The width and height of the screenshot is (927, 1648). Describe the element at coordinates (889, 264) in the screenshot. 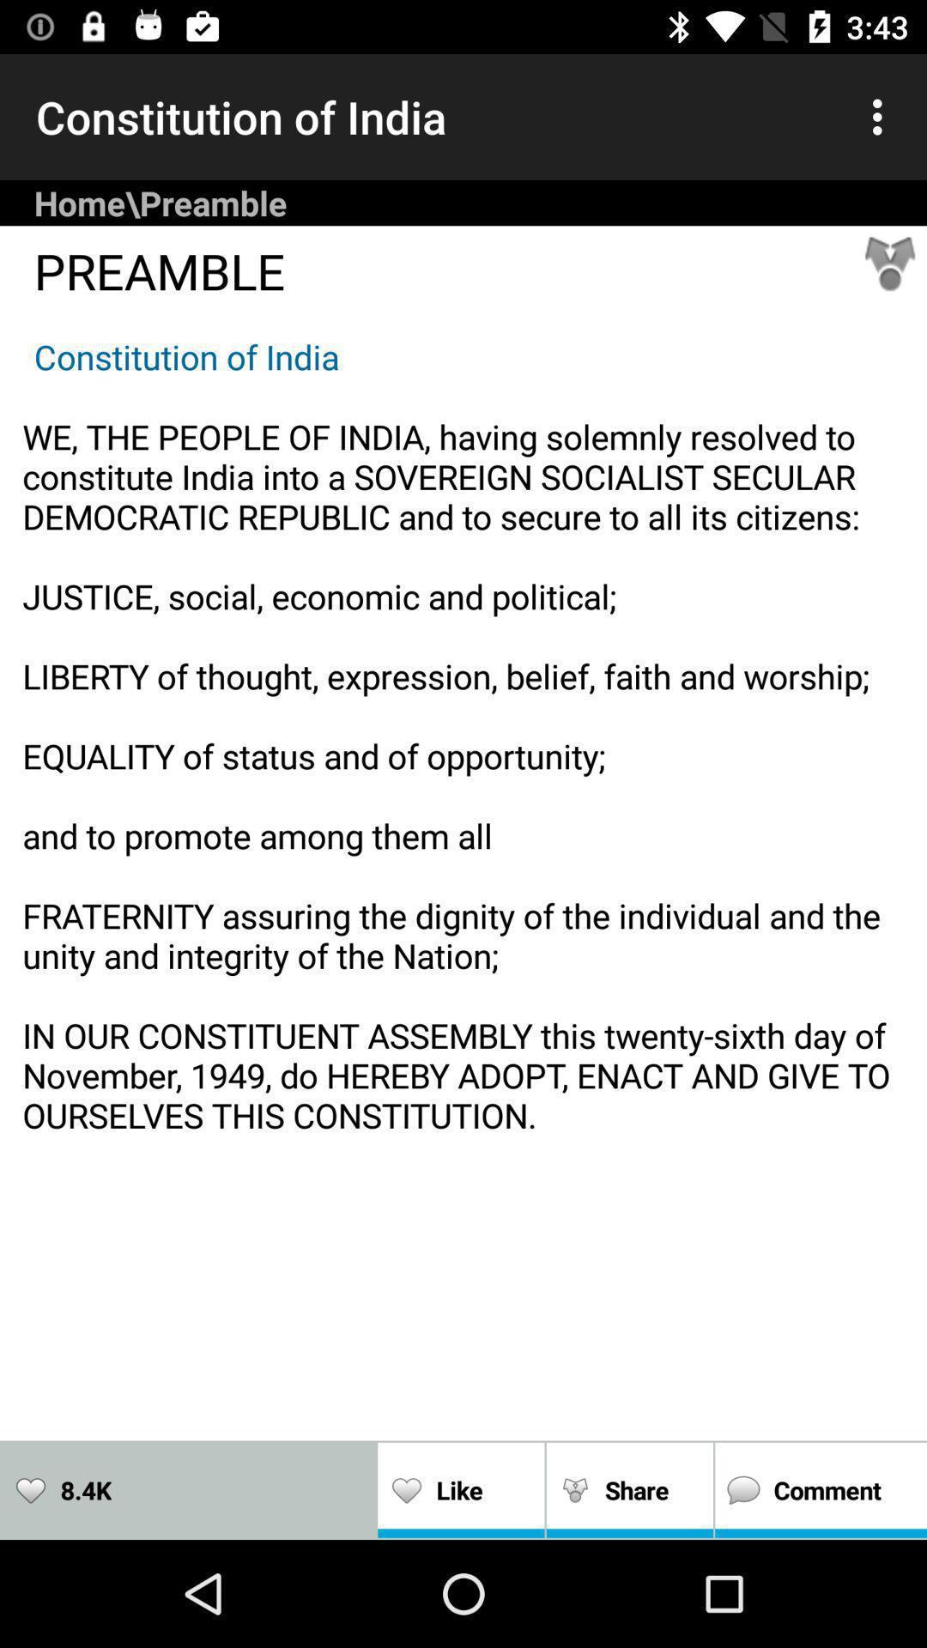

I see `the share icon` at that location.